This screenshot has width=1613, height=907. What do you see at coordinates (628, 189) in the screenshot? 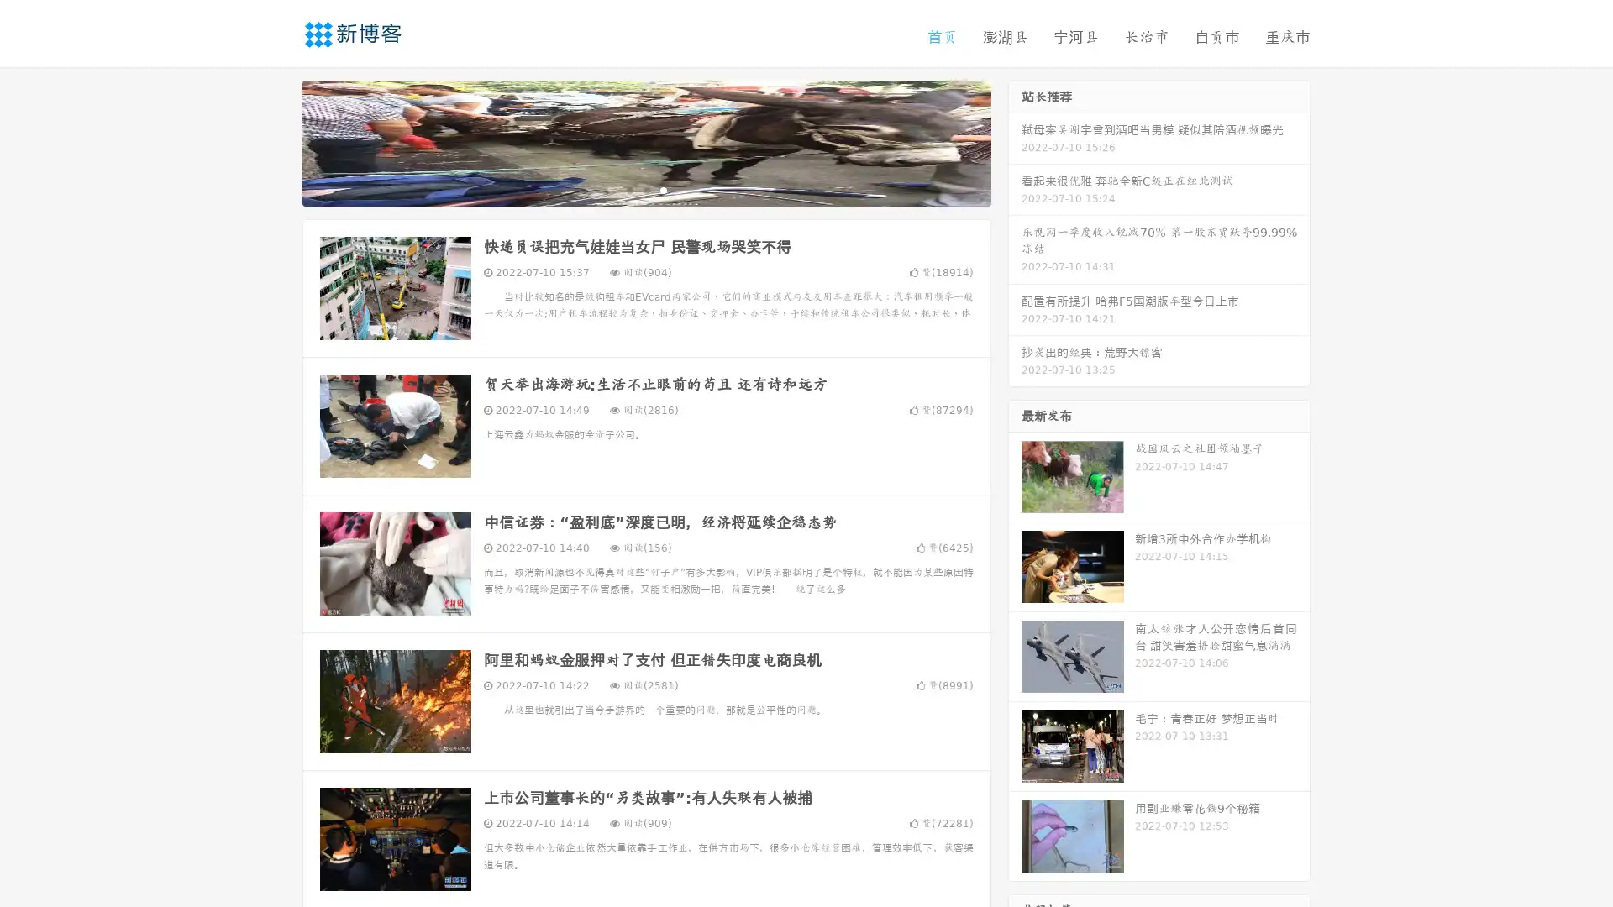
I see `Go to slide 1` at bounding box center [628, 189].